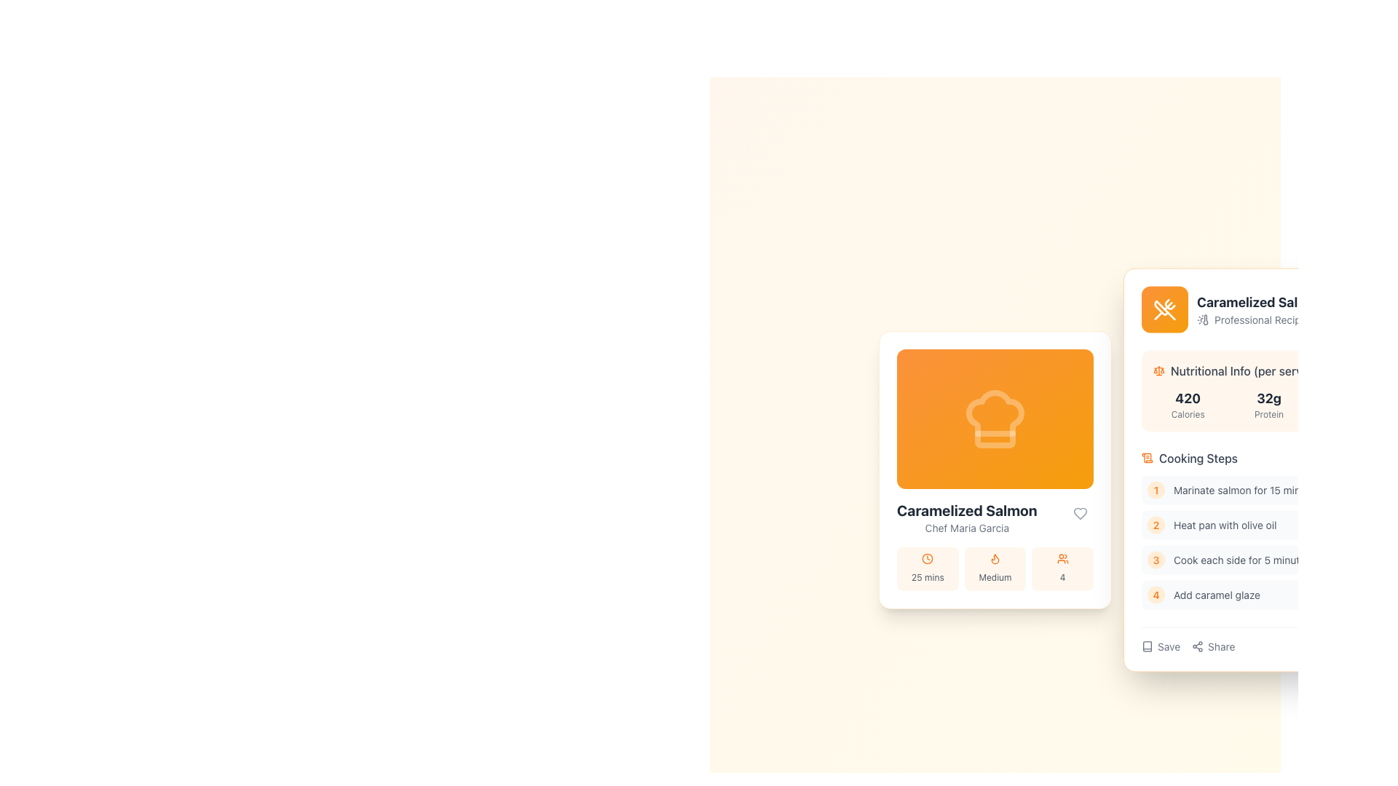  What do you see at coordinates (1188, 404) in the screenshot?
I see `the static text label displaying '420 Calories' in the Nutritional Info section, which is located in the leftmost column of a three-column grid layout` at bounding box center [1188, 404].